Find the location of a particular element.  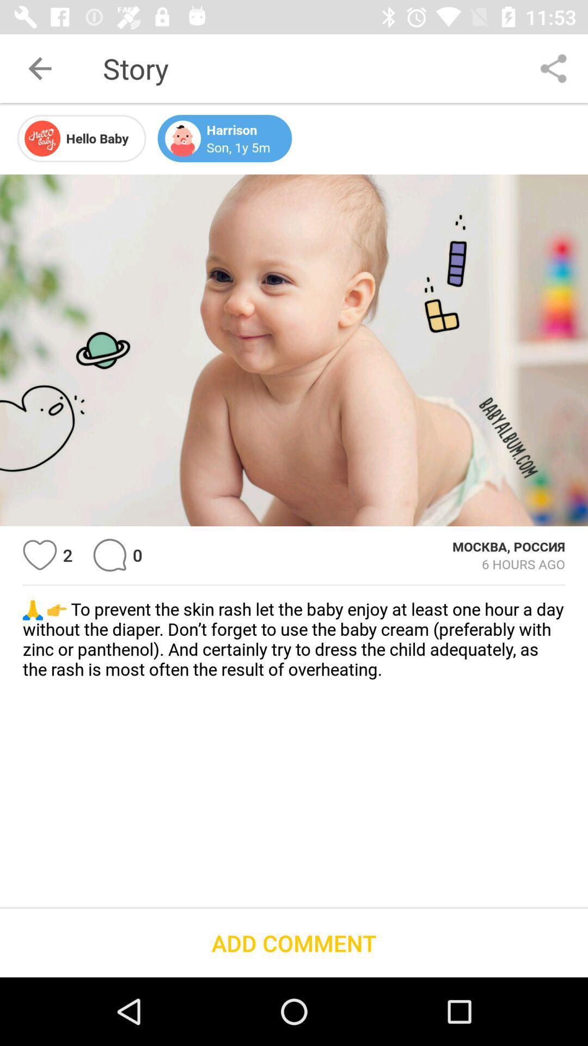

like is located at coordinates (39, 555).